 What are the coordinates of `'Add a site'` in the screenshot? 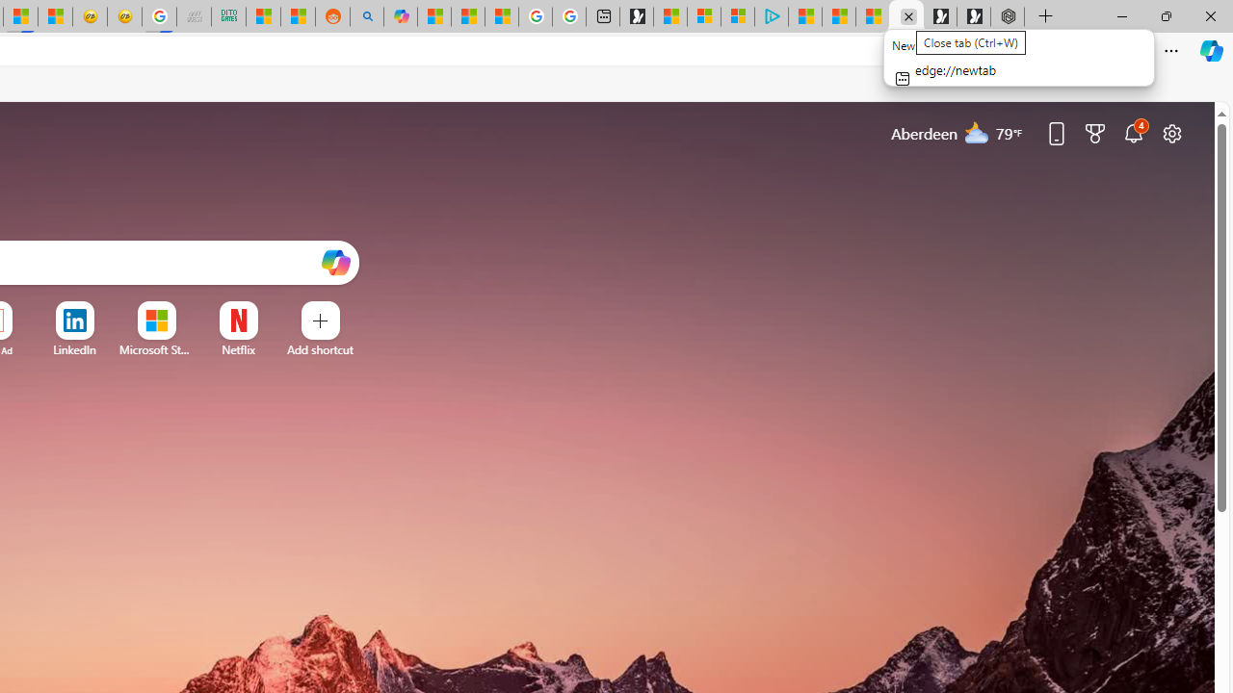 It's located at (320, 349).